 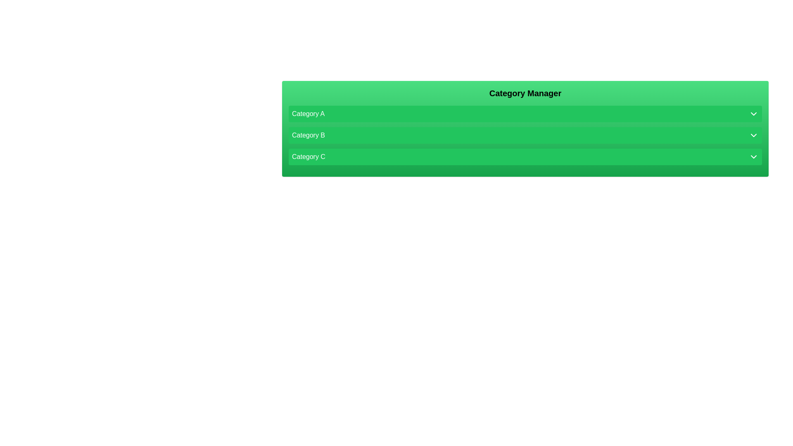 What do you see at coordinates (525, 135) in the screenshot?
I see `the text of Category B in the list` at bounding box center [525, 135].